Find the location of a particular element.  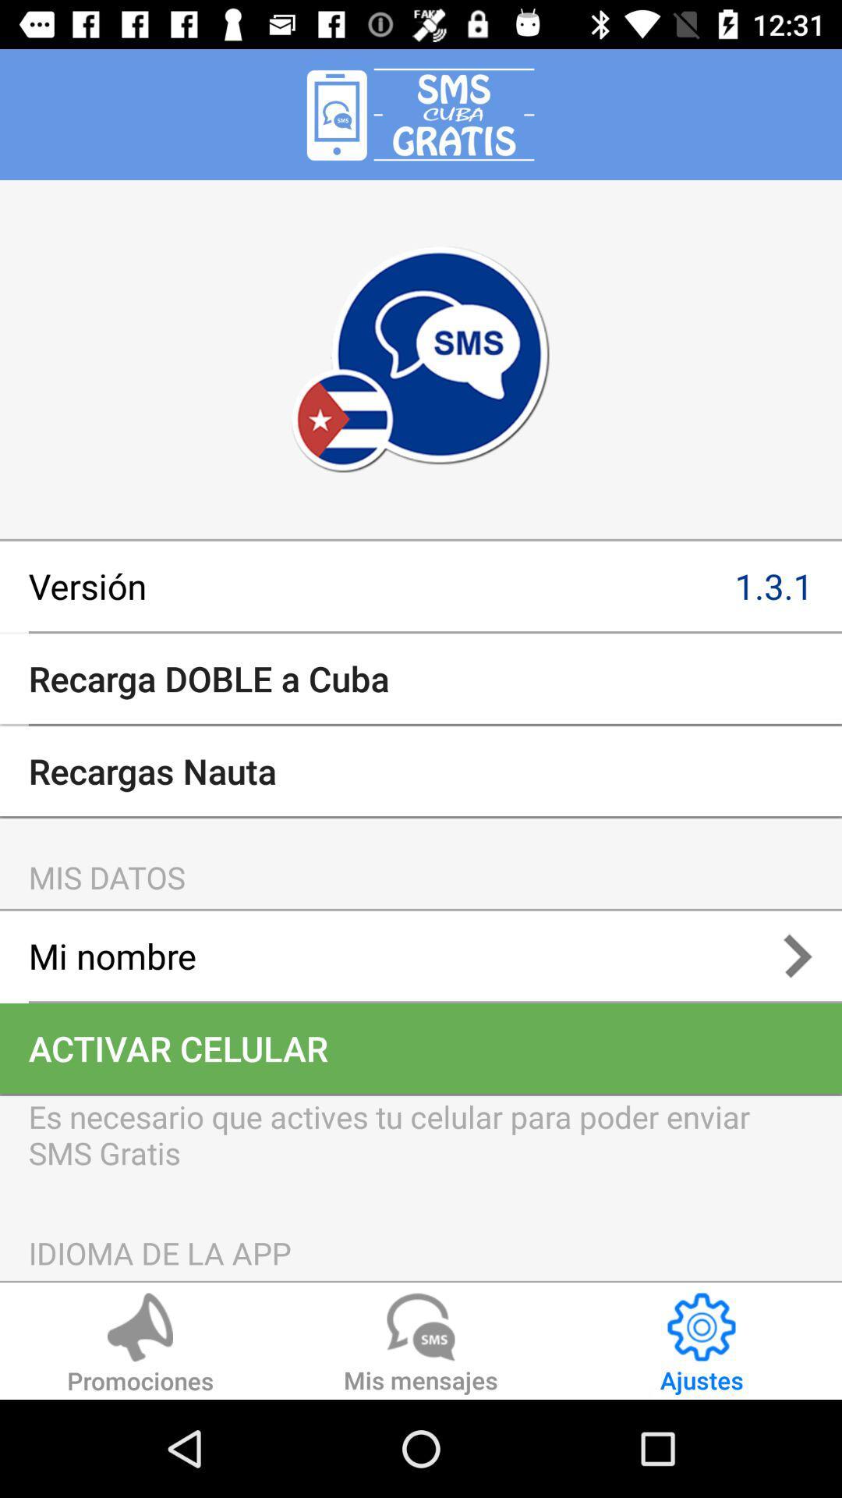

activar celular icon is located at coordinates (421, 1049).